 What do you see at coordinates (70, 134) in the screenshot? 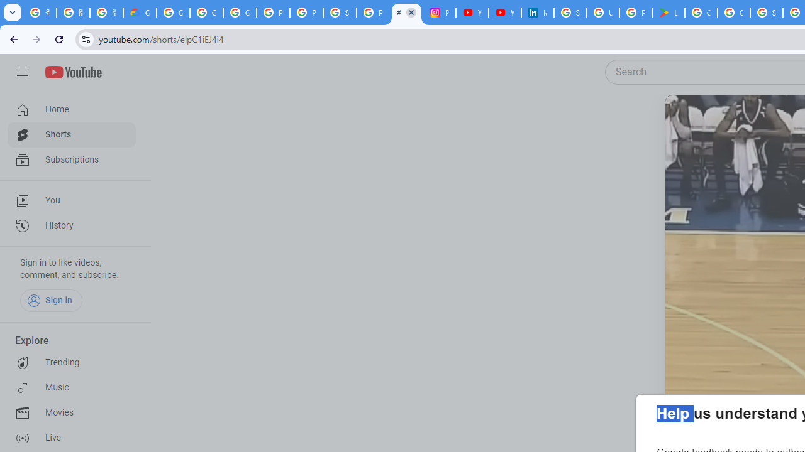
I see `'Shorts'` at bounding box center [70, 134].